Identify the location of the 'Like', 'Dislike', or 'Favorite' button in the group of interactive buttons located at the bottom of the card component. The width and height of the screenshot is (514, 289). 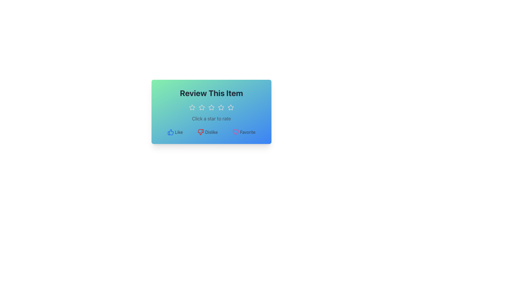
(211, 132).